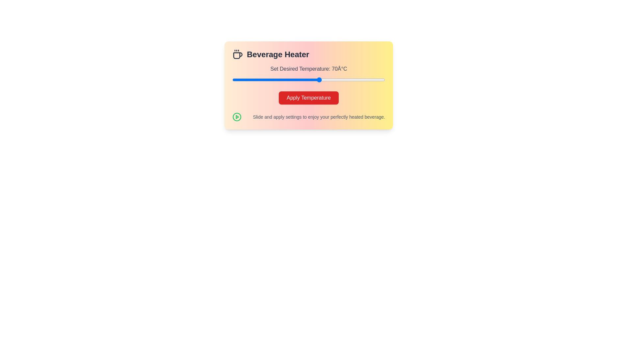 Image resolution: width=632 pixels, height=355 pixels. What do you see at coordinates (245, 80) in the screenshot?
I see `the temperature slider to set the desired temperature to 36°C` at bounding box center [245, 80].